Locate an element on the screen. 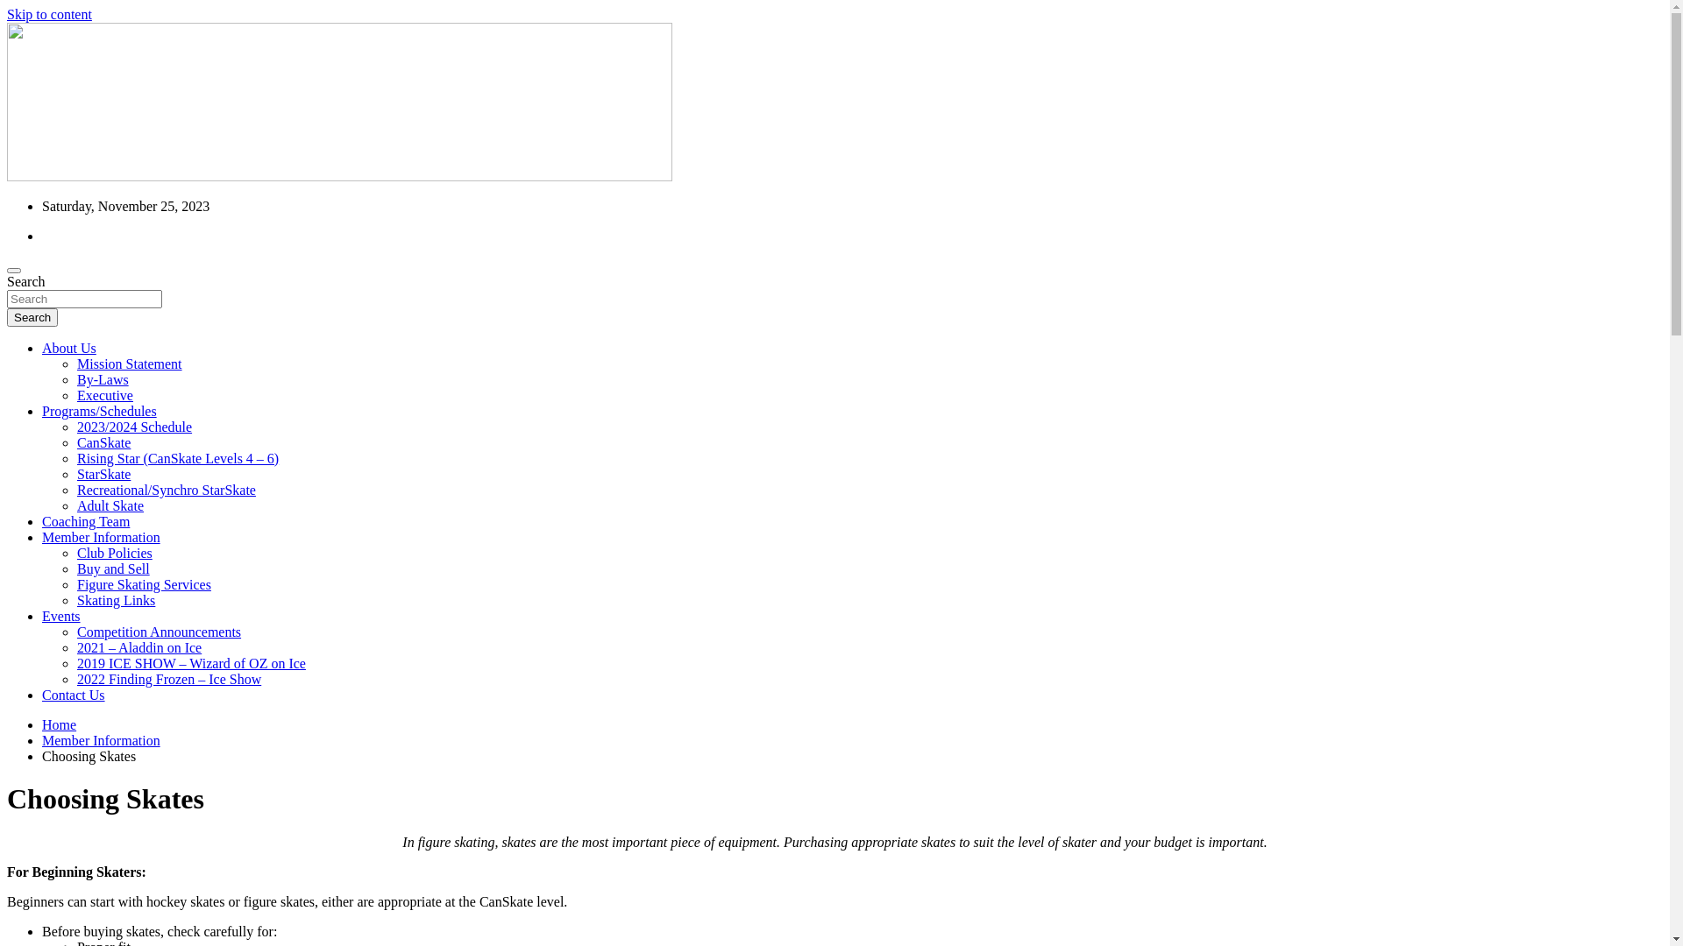 The height and width of the screenshot is (946, 1683). '2023/2024 Schedule' is located at coordinates (133, 427).